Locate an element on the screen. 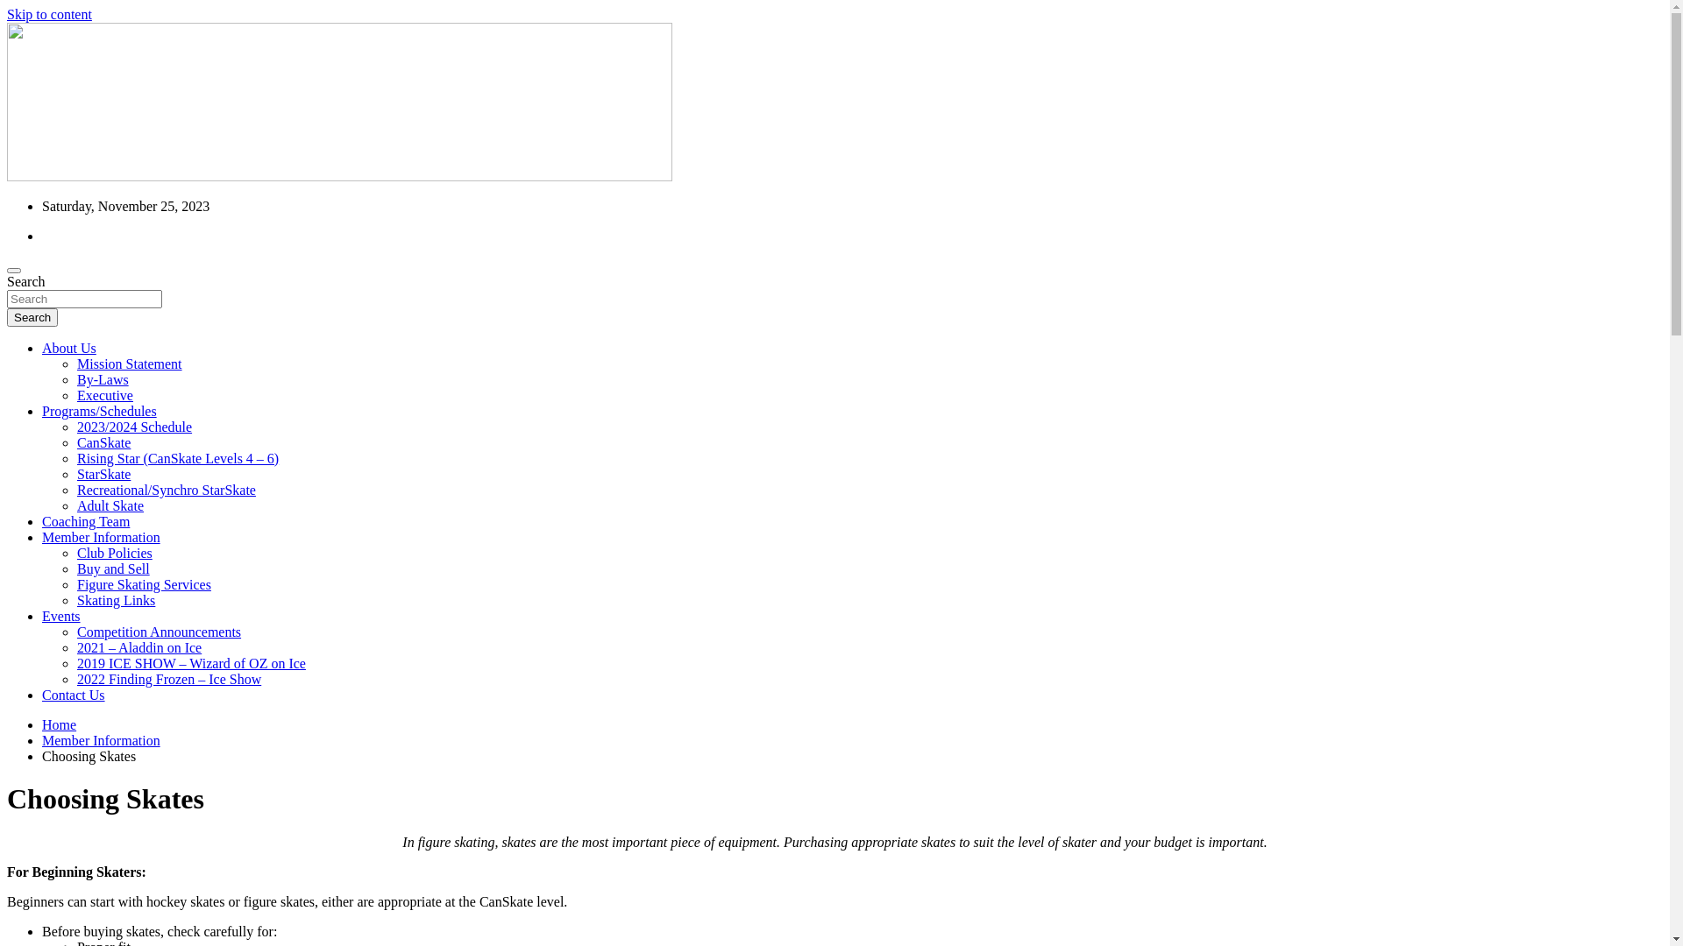 The height and width of the screenshot is (946, 1683). '2023/2024 Schedule' is located at coordinates (133, 427).